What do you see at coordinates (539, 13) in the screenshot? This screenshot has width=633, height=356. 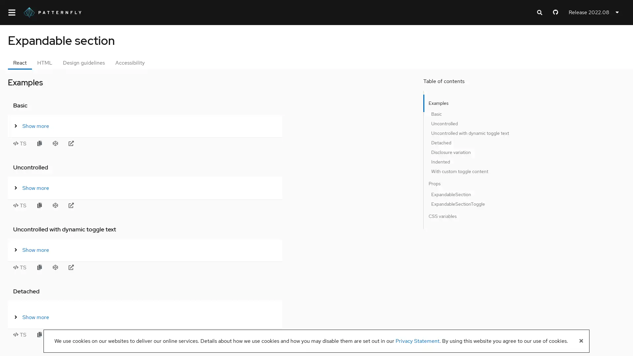 I see `Expand search input` at bounding box center [539, 13].